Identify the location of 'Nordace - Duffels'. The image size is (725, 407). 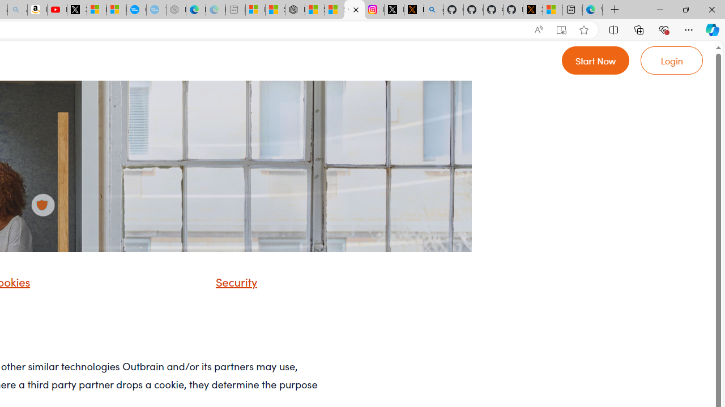
(295, 10).